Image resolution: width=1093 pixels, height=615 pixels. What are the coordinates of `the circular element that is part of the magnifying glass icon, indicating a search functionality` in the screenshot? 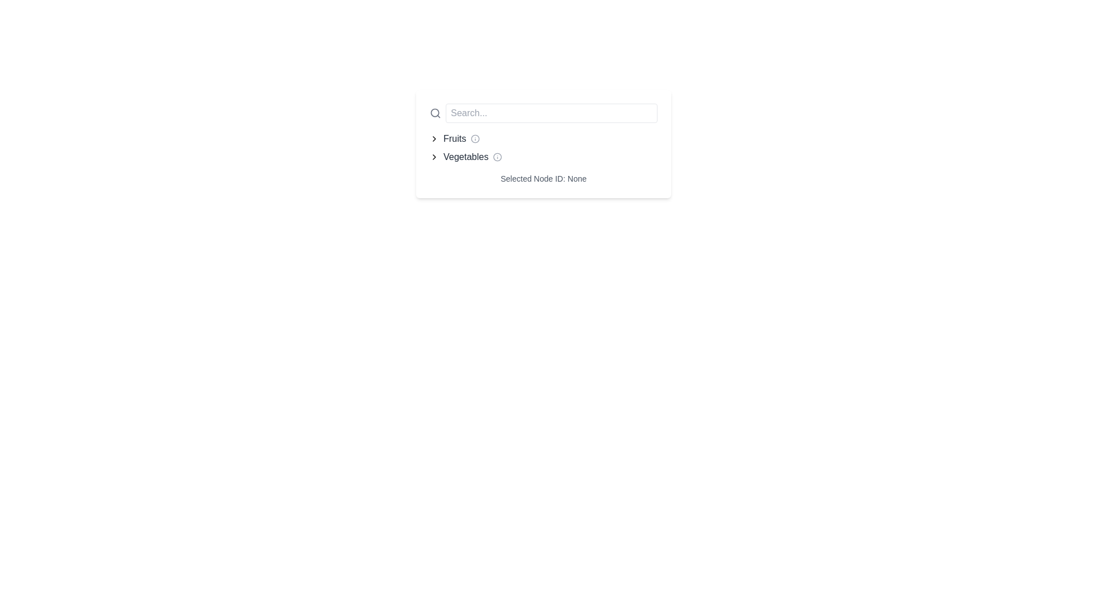 It's located at (434, 113).